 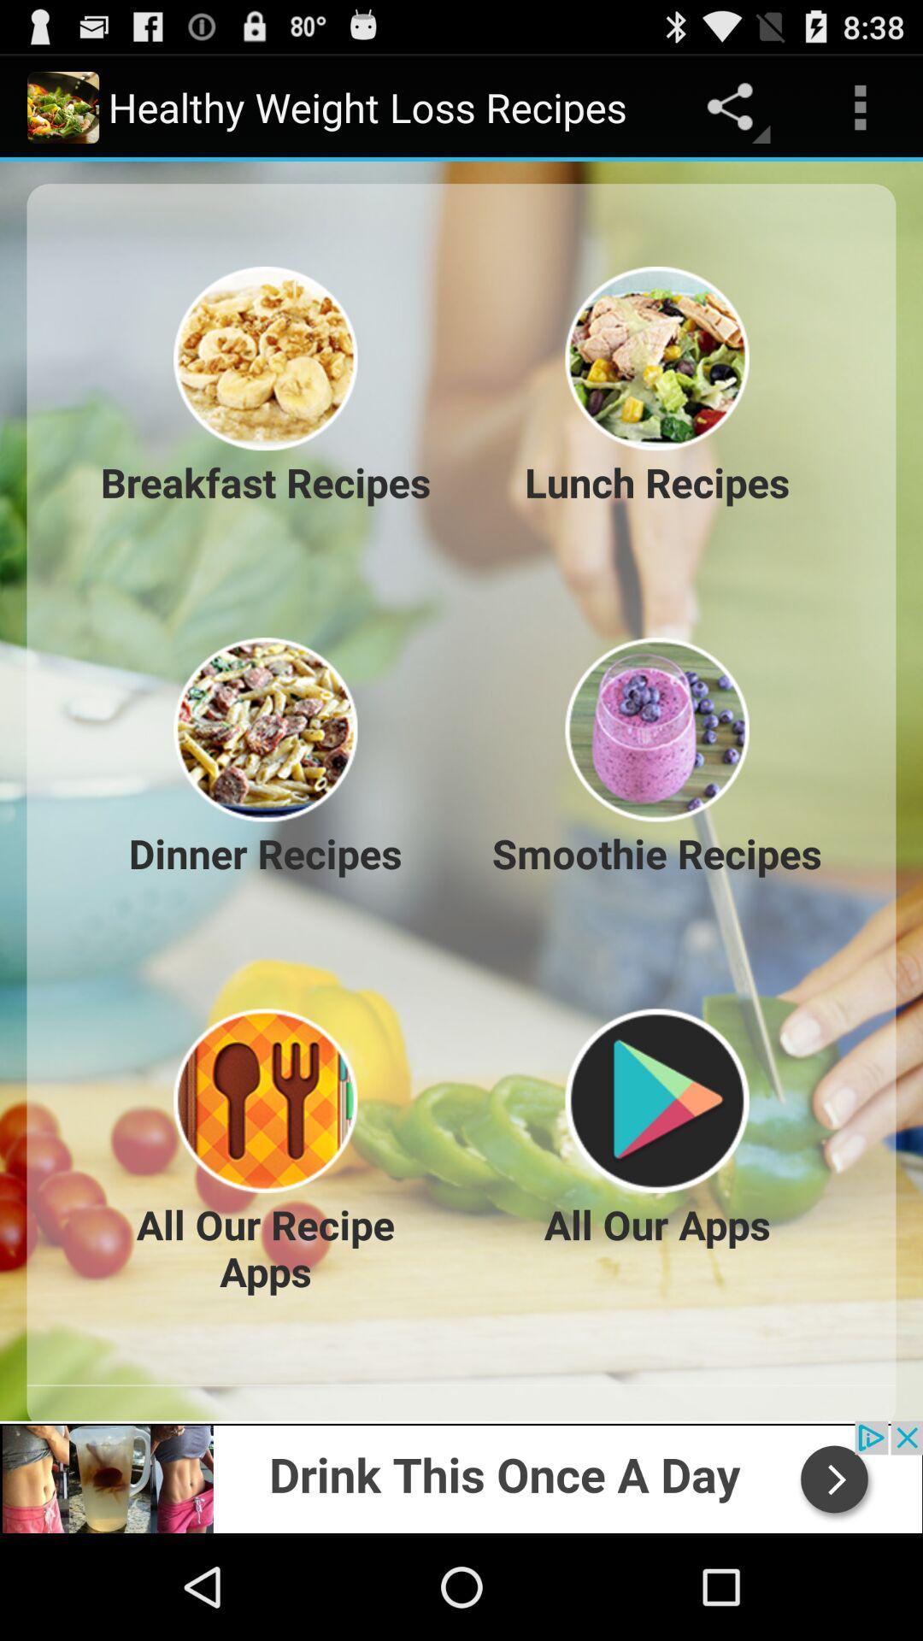 What do you see at coordinates (461, 1476) in the screenshot?
I see `advertisement` at bounding box center [461, 1476].